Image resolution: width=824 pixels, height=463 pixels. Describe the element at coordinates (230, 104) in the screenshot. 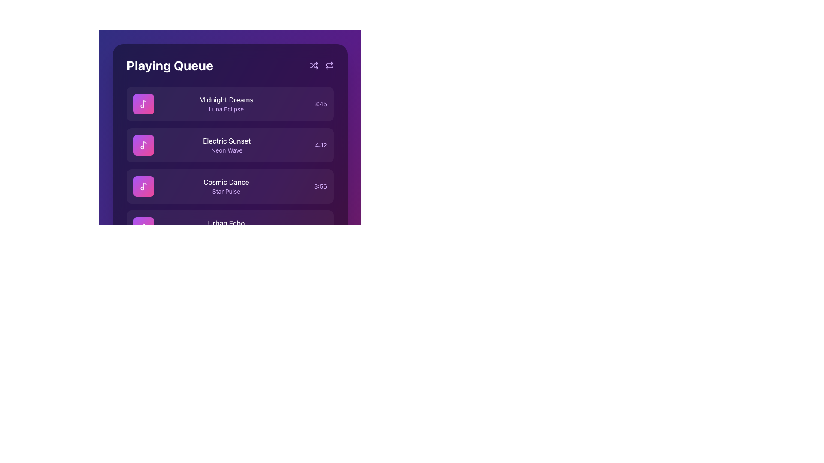

I see `the first item in the 'Playing Queue' music playlist to change its background visually` at that location.